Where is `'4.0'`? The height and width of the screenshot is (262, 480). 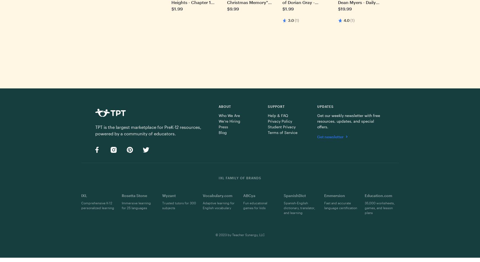 '4.0' is located at coordinates (346, 20).